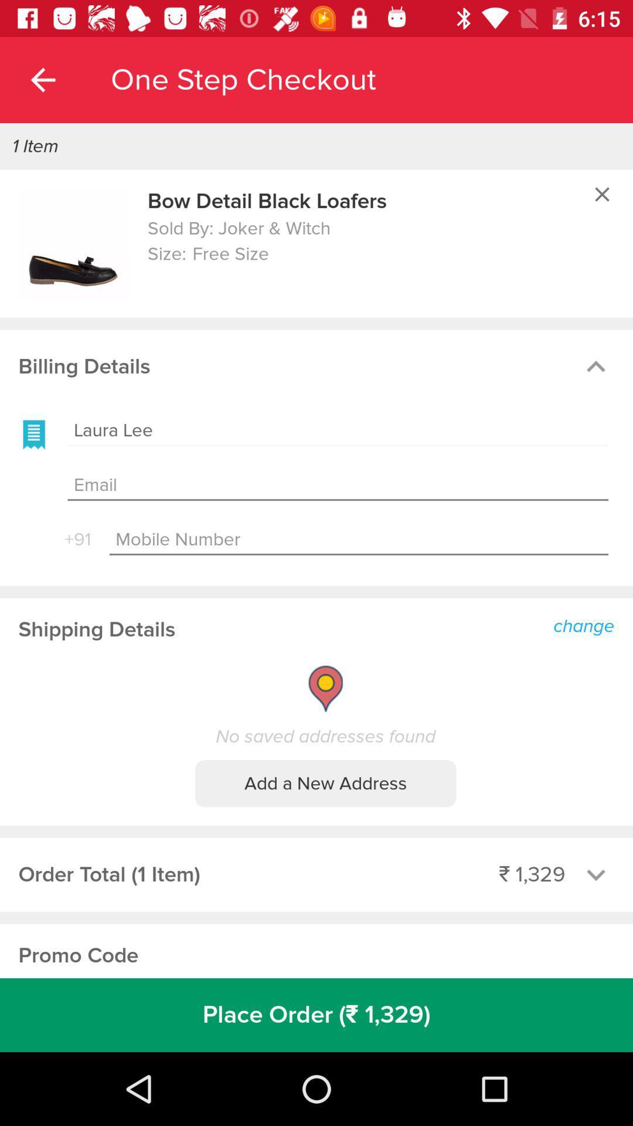 The width and height of the screenshot is (633, 1126). I want to click on product image, so click(74, 243).